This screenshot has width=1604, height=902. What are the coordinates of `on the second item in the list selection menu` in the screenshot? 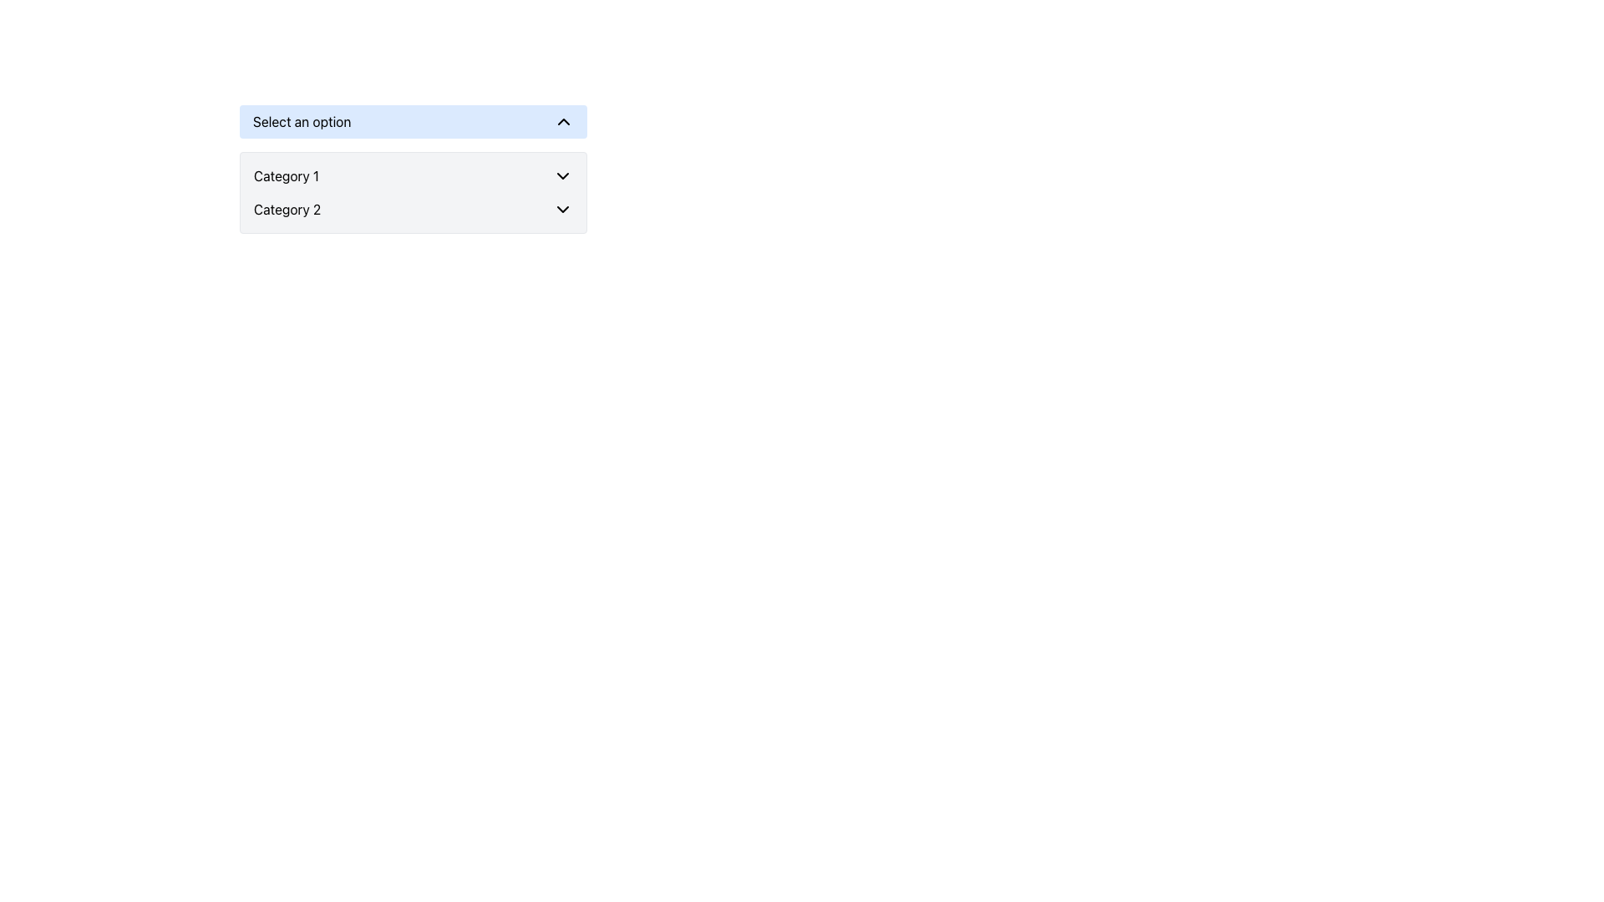 It's located at (413, 208).